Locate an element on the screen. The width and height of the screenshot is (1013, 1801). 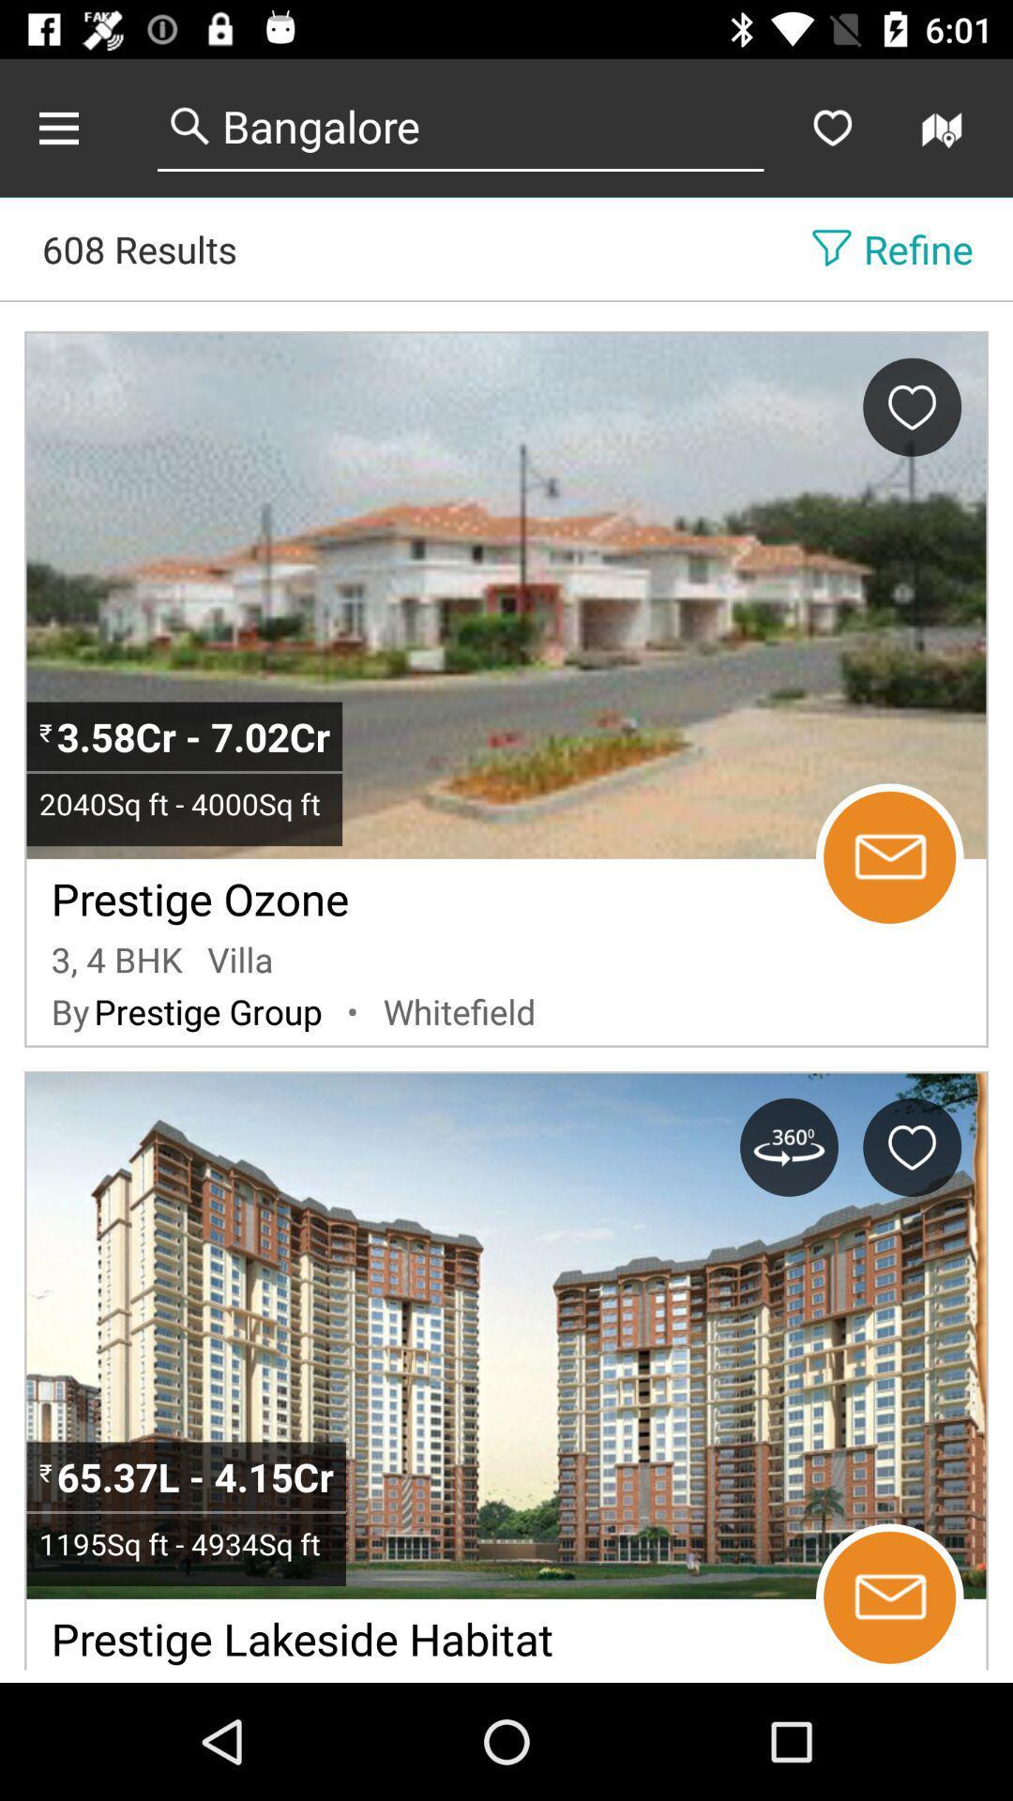
location is located at coordinates (911, 1146).